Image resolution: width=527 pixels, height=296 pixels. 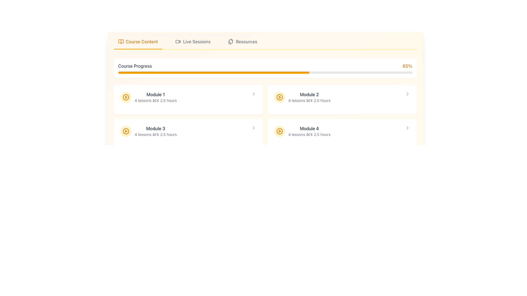 I want to click on the text content block, so click(x=155, y=131).